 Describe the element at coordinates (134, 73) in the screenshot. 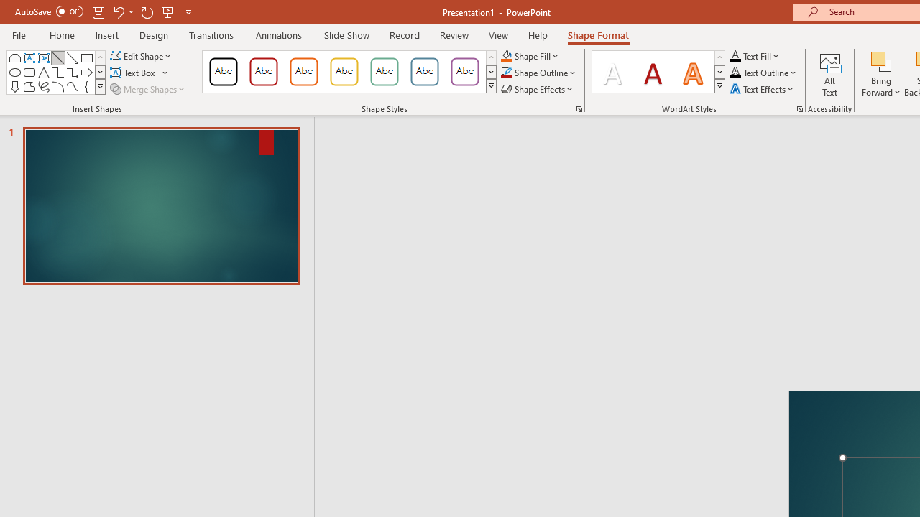

I see `'Draw Horizontal Text Box'` at that location.